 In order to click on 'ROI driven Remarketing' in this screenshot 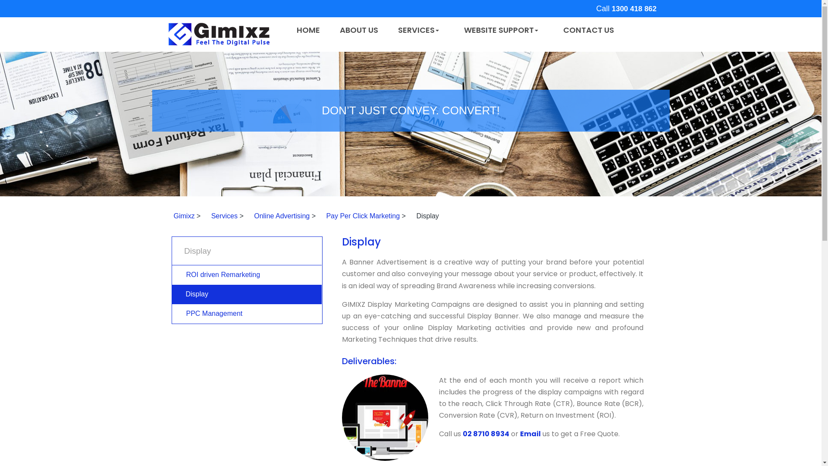, I will do `click(246, 275)`.